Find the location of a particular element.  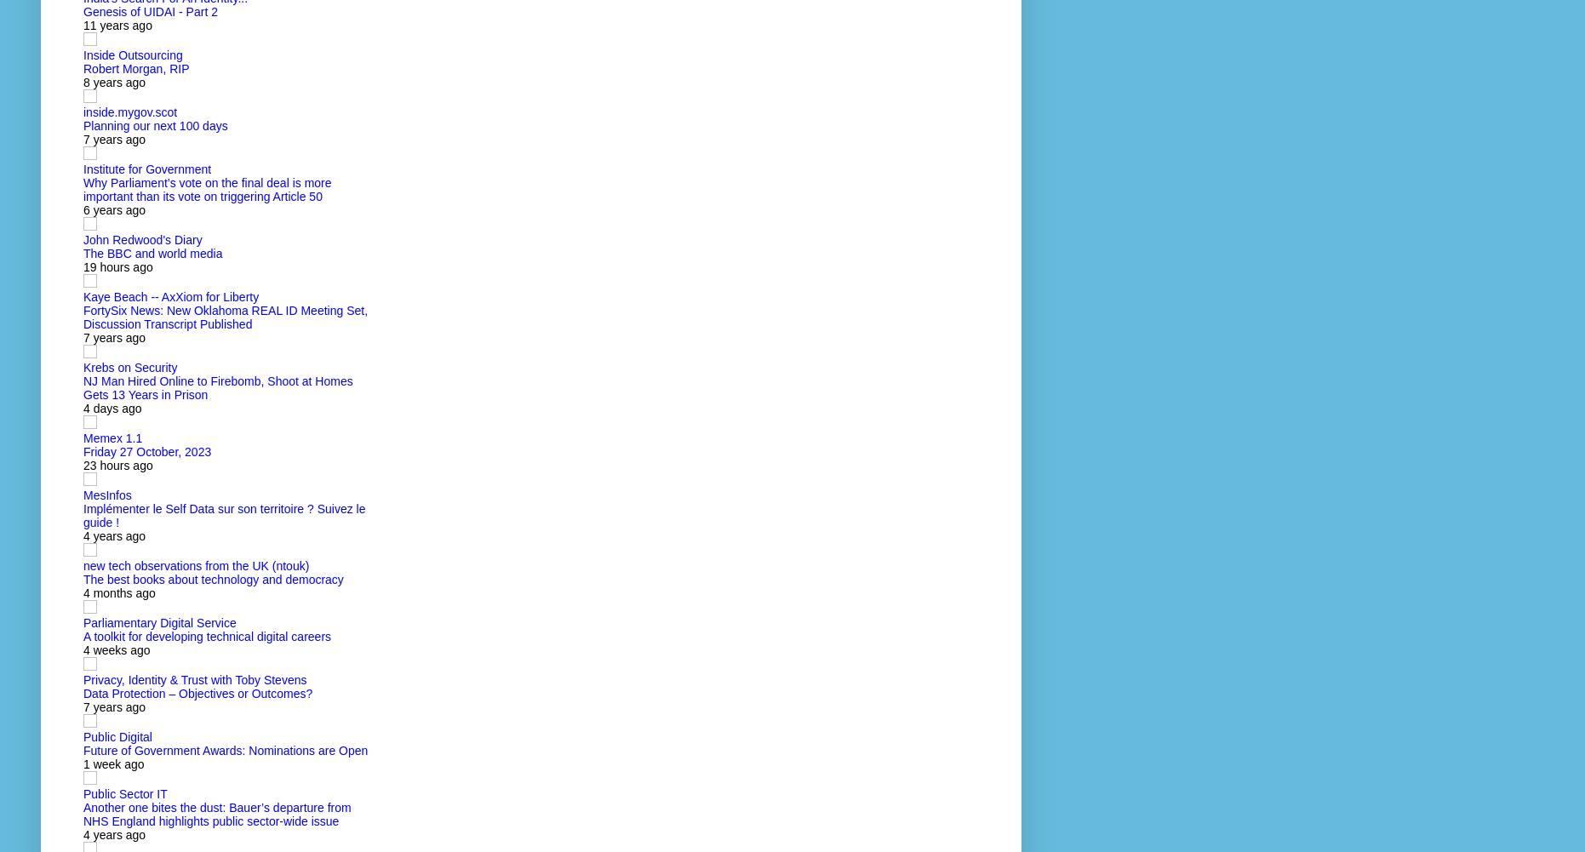

'Why Parliament’s vote on the final deal is more important than its vote on triggering Article 50' is located at coordinates (207, 189).